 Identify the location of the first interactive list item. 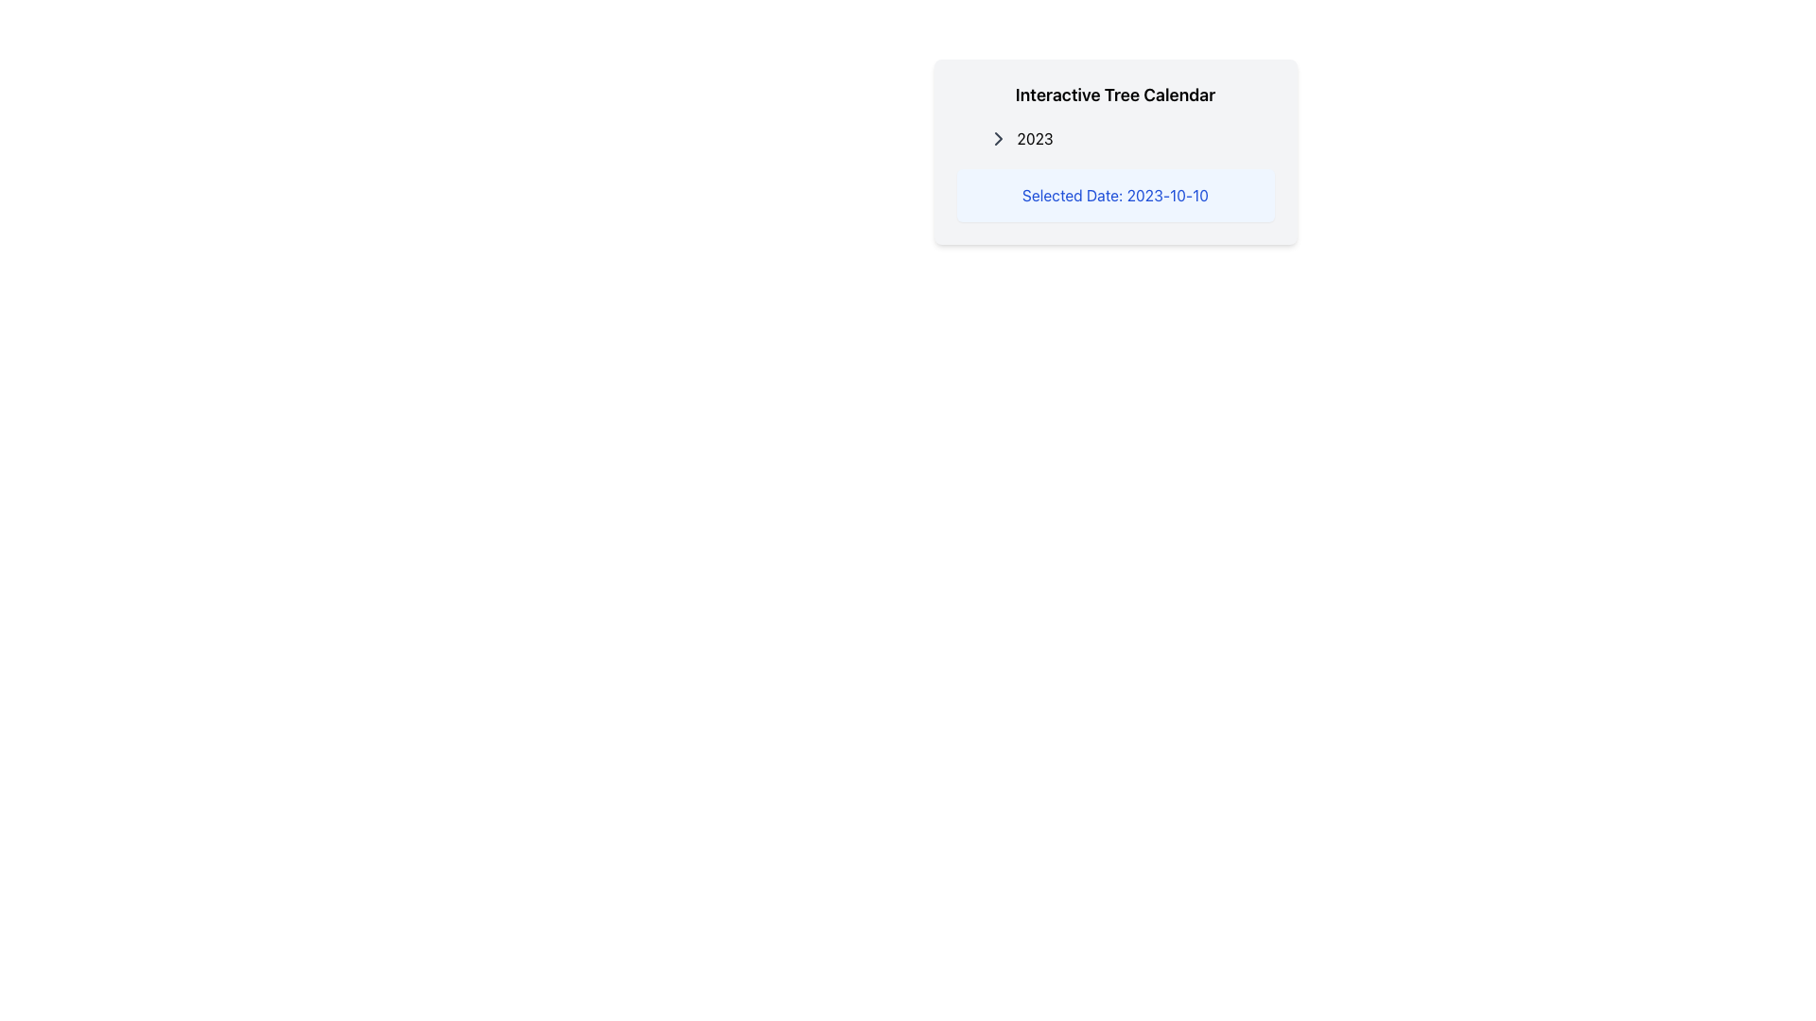
(1123, 137).